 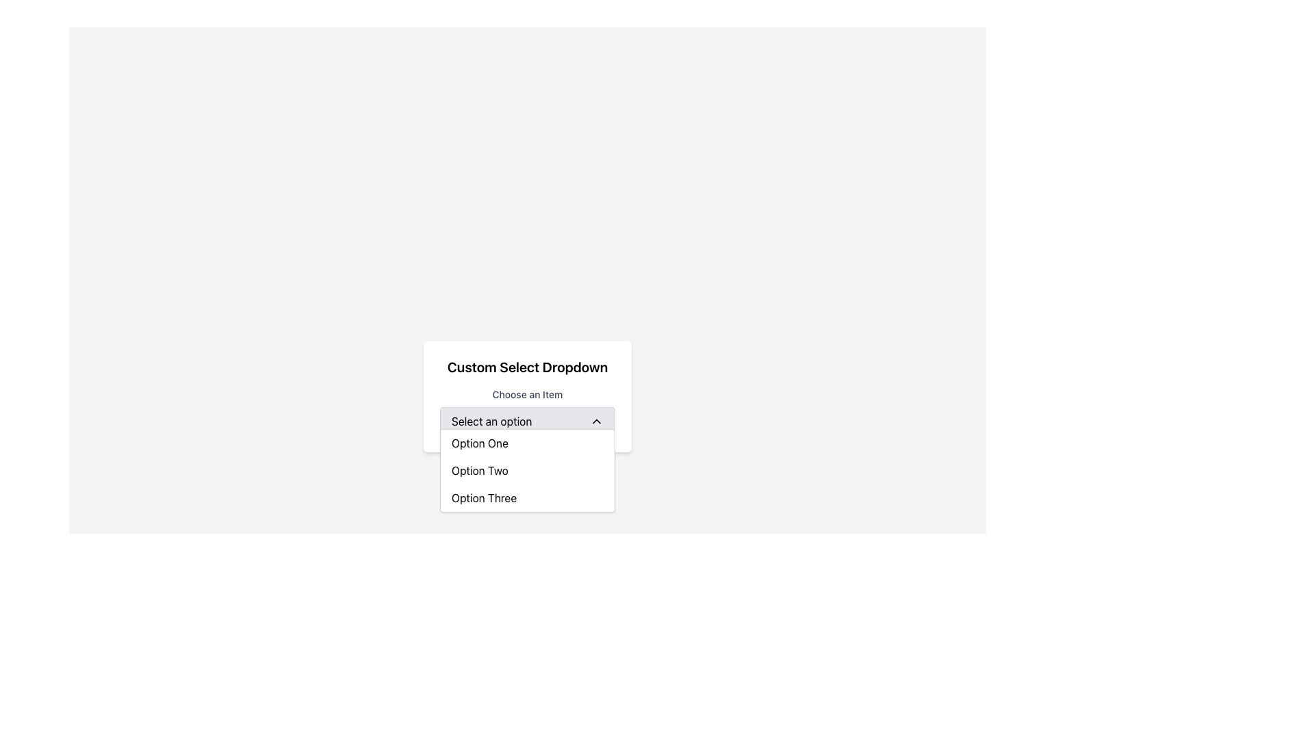 What do you see at coordinates (527, 469) in the screenshot?
I see `the 'Option Two' item in the dropdown menu` at bounding box center [527, 469].